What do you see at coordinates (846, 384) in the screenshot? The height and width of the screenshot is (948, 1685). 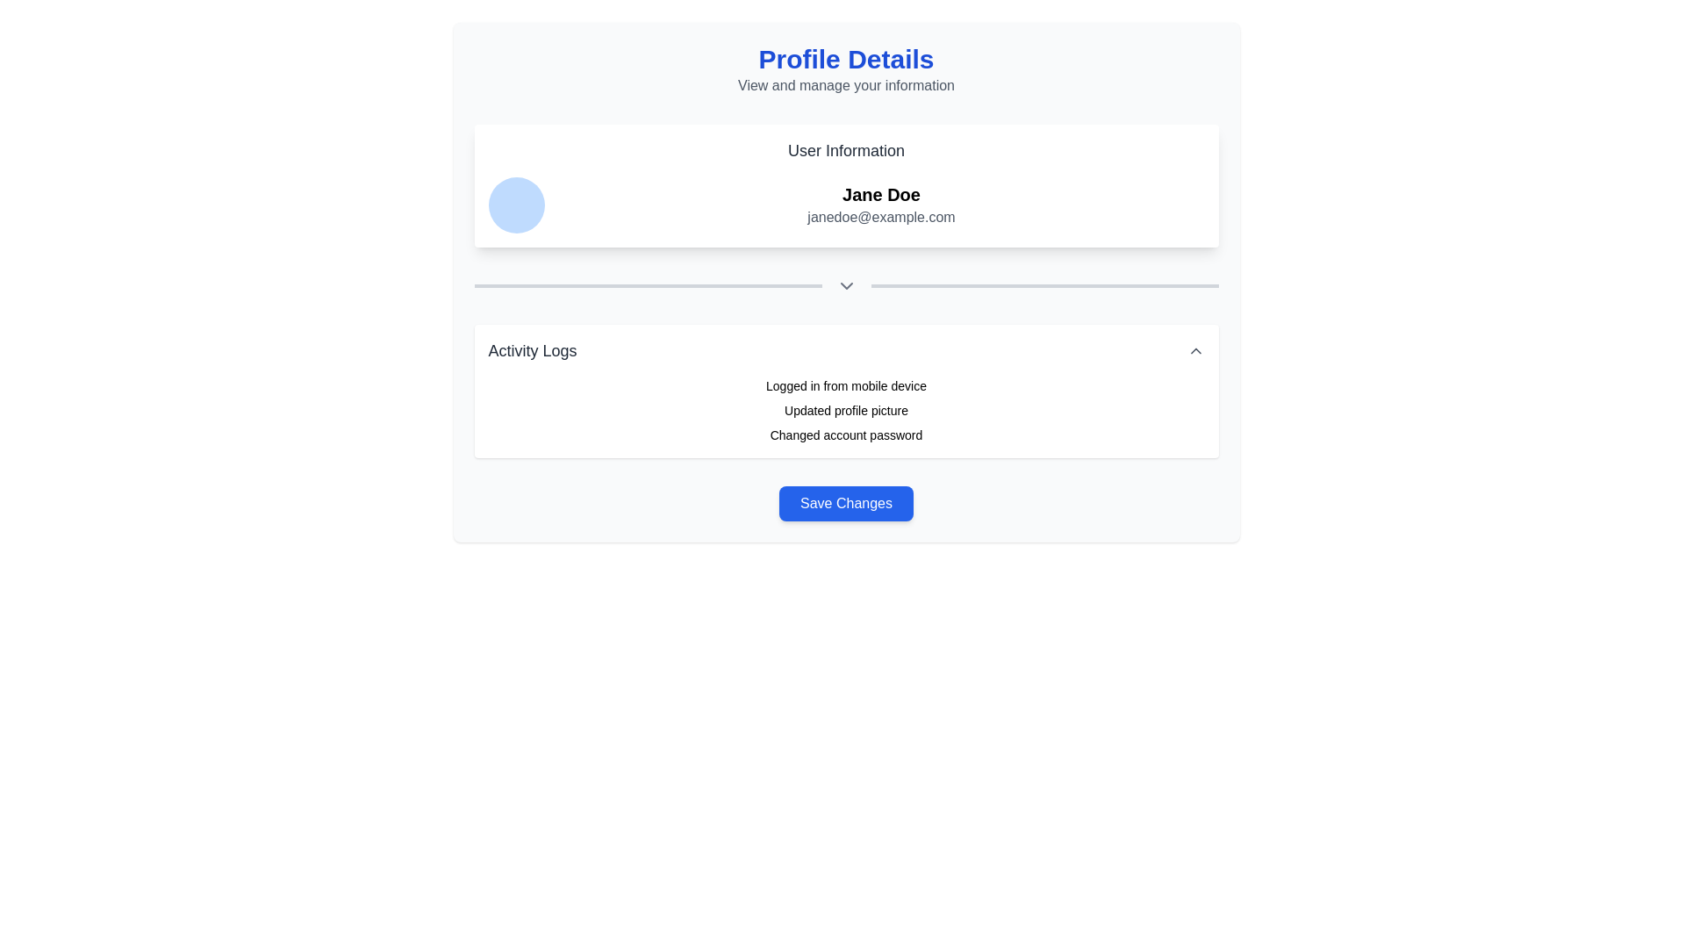 I see `the text label indicating that the user logged in using a mobile device, which is the first item in the 'Activity Logs' section` at bounding box center [846, 384].